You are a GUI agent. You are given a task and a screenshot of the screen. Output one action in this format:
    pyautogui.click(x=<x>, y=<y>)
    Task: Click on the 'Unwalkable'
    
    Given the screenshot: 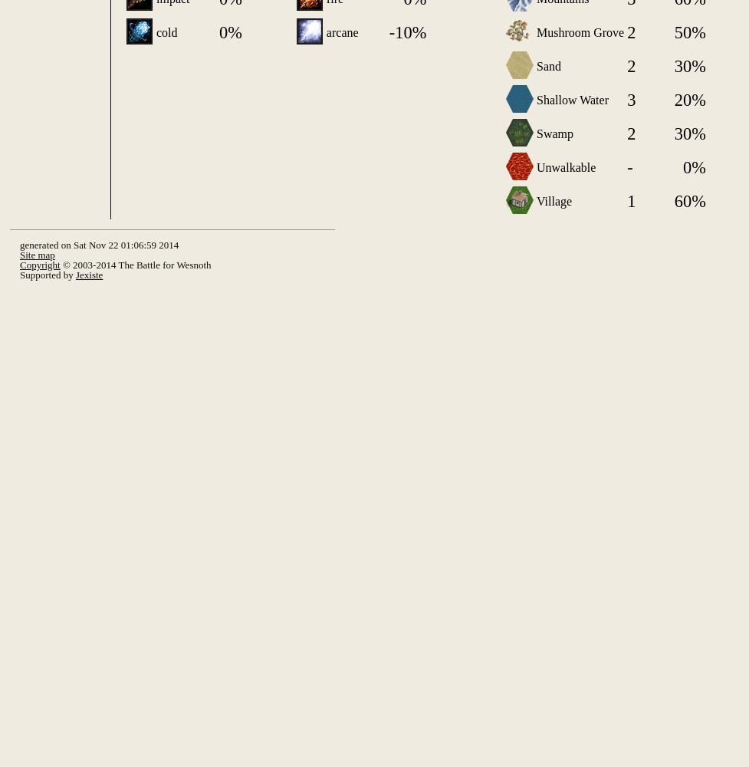 What is the action you would take?
    pyautogui.click(x=566, y=166)
    